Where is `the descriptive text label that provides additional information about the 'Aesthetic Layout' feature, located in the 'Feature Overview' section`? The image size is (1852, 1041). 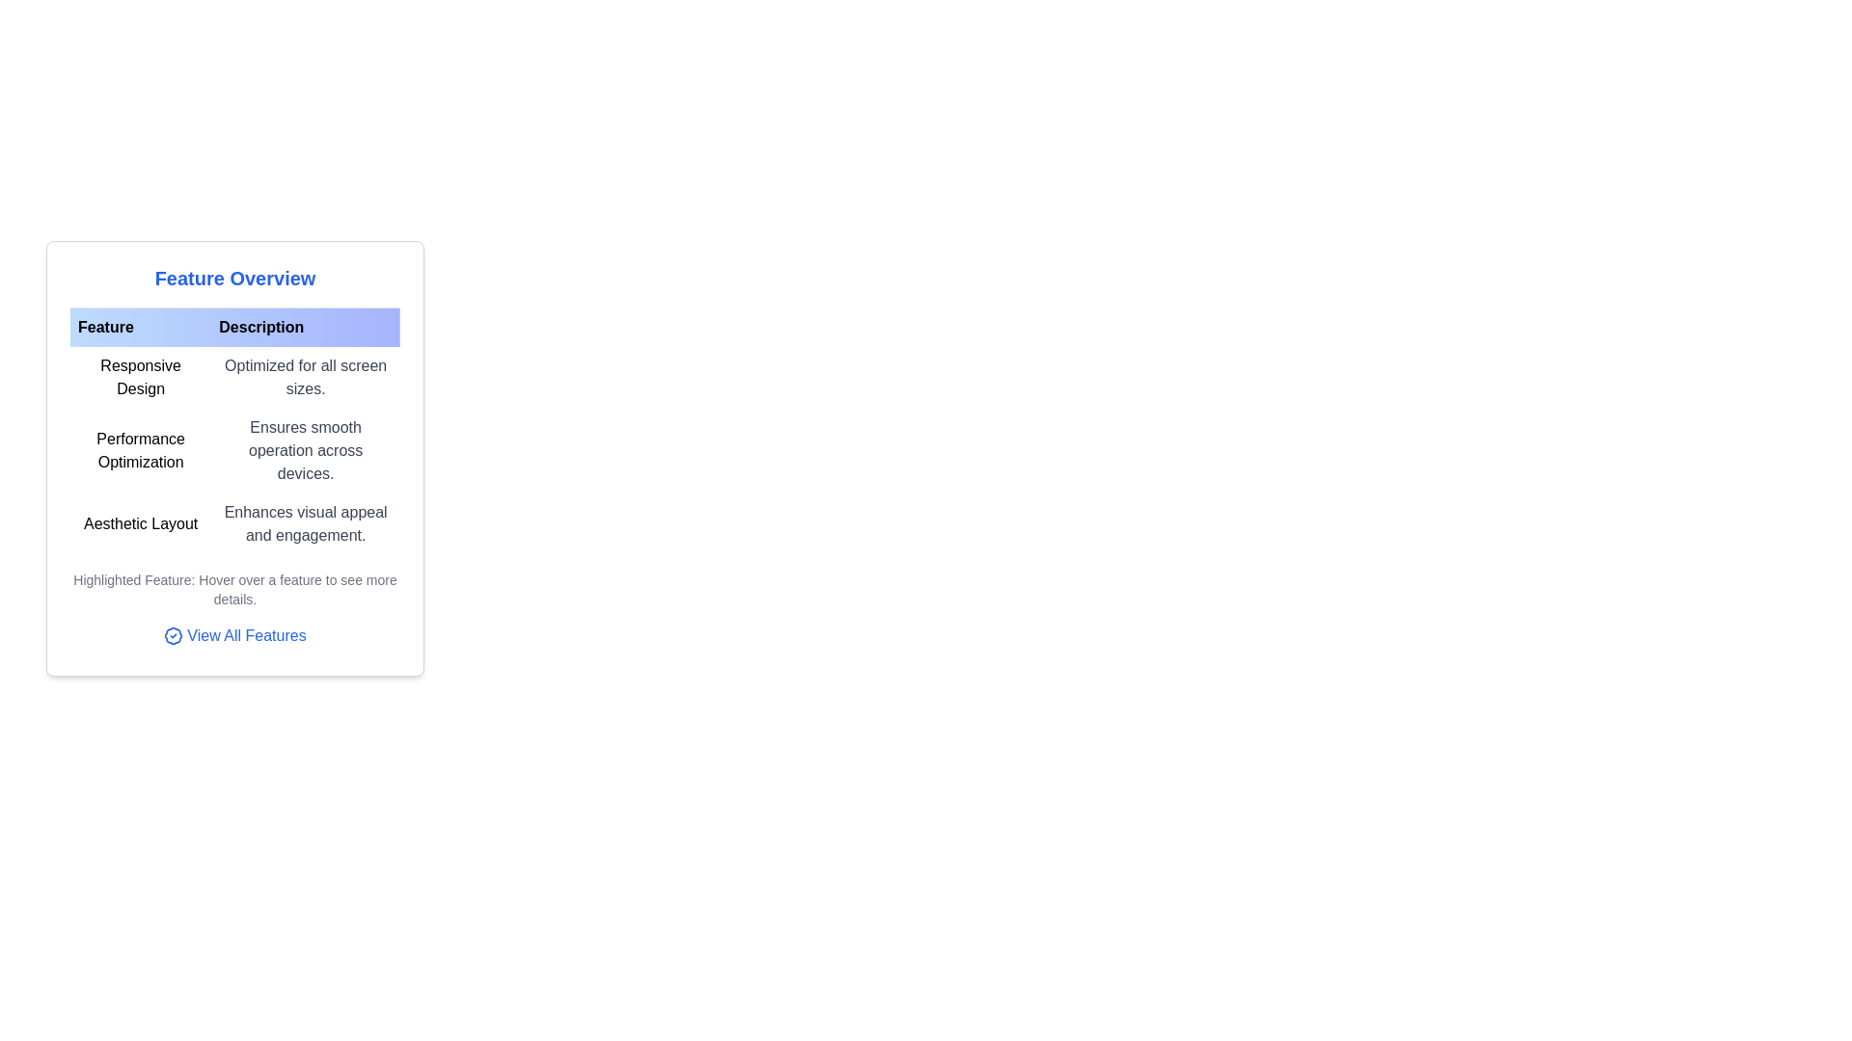
the descriptive text label that provides additional information about the 'Aesthetic Layout' feature, located in the 'Feature Overview' section is located at coordinates (305, 523).